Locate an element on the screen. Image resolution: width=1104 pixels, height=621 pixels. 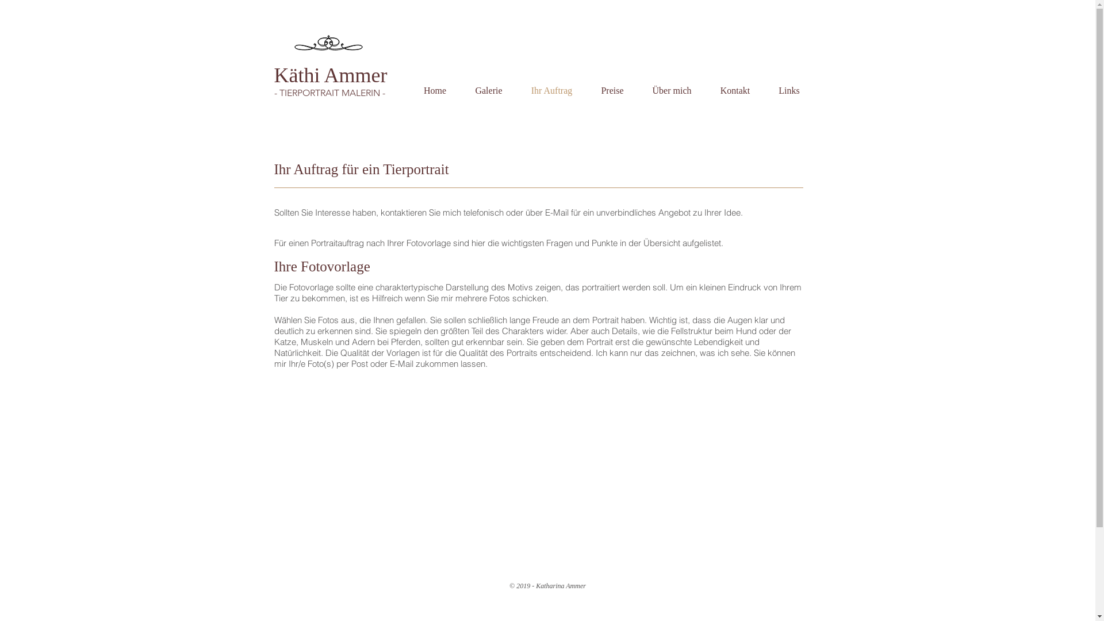
'Home' is located at coordinates (435, 90).